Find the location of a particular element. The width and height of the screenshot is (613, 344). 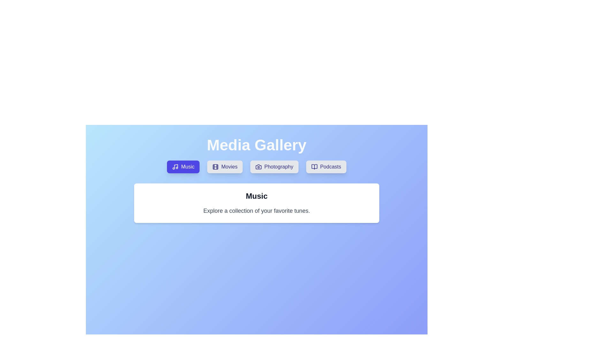

the Photography tab to observe its hover effect is located at coordinates (274, 167).